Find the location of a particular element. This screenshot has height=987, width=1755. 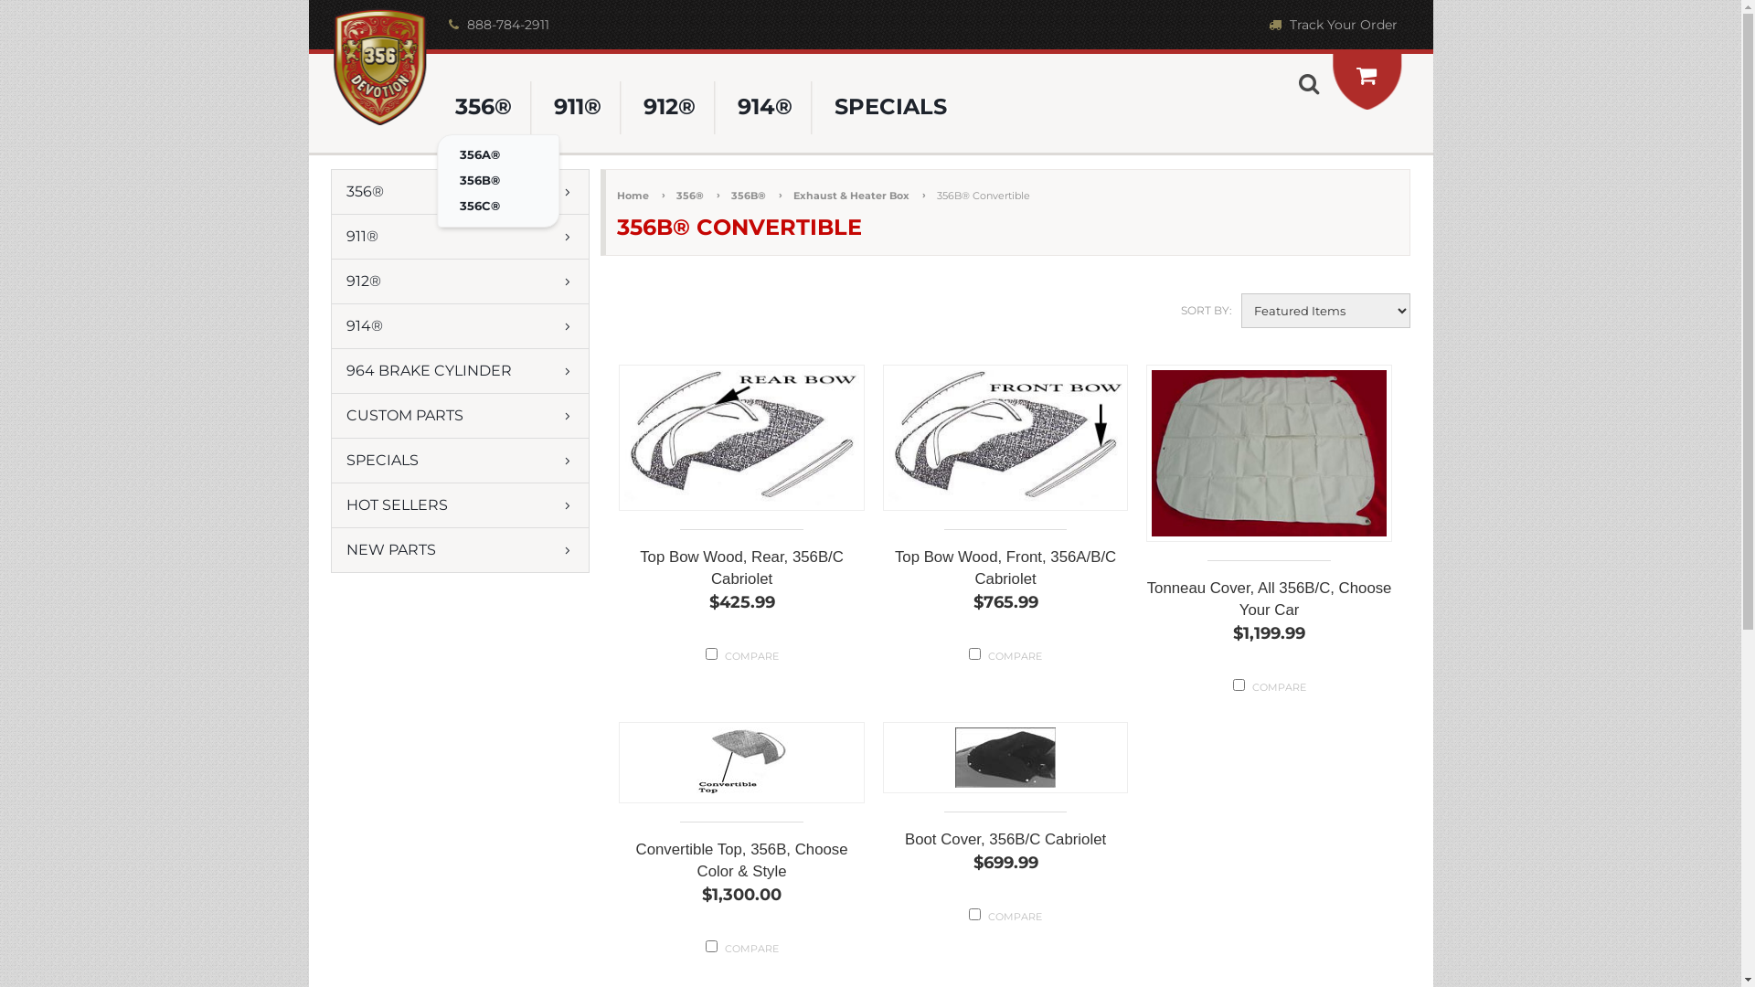

'888-784-2911' is located at coordinates (496, 25).